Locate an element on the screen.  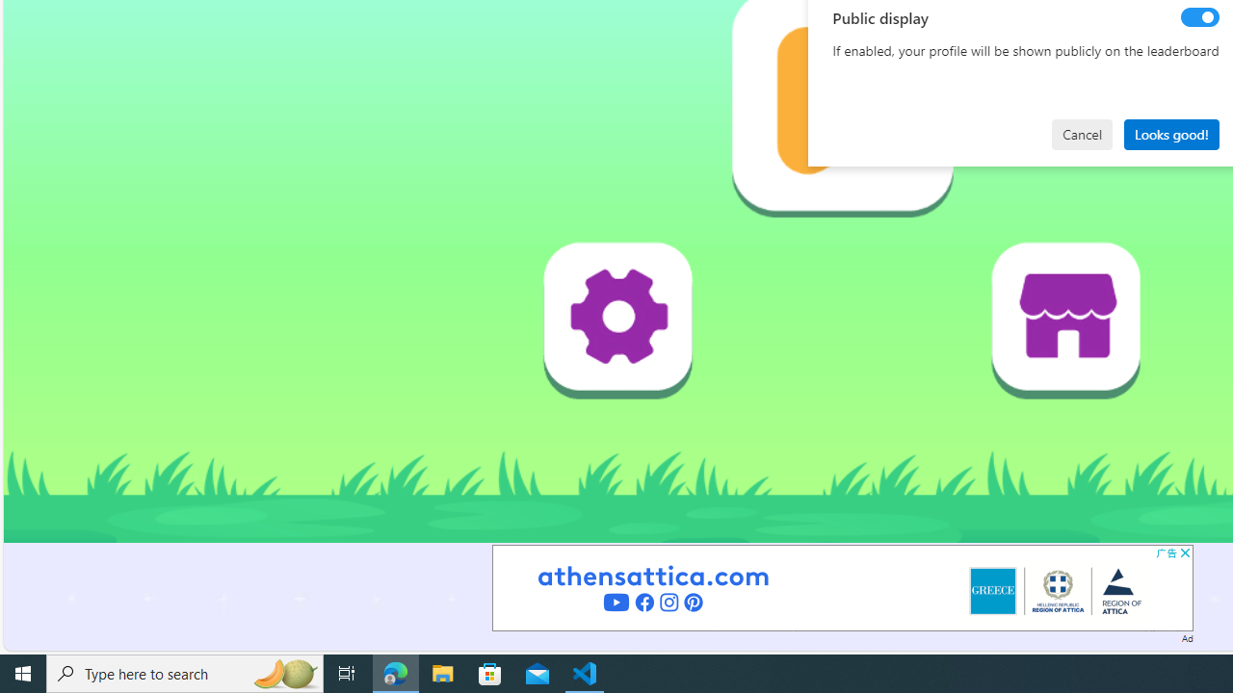
'Visual Studio Code - 1 running window' is located at coordinates (584, 672).